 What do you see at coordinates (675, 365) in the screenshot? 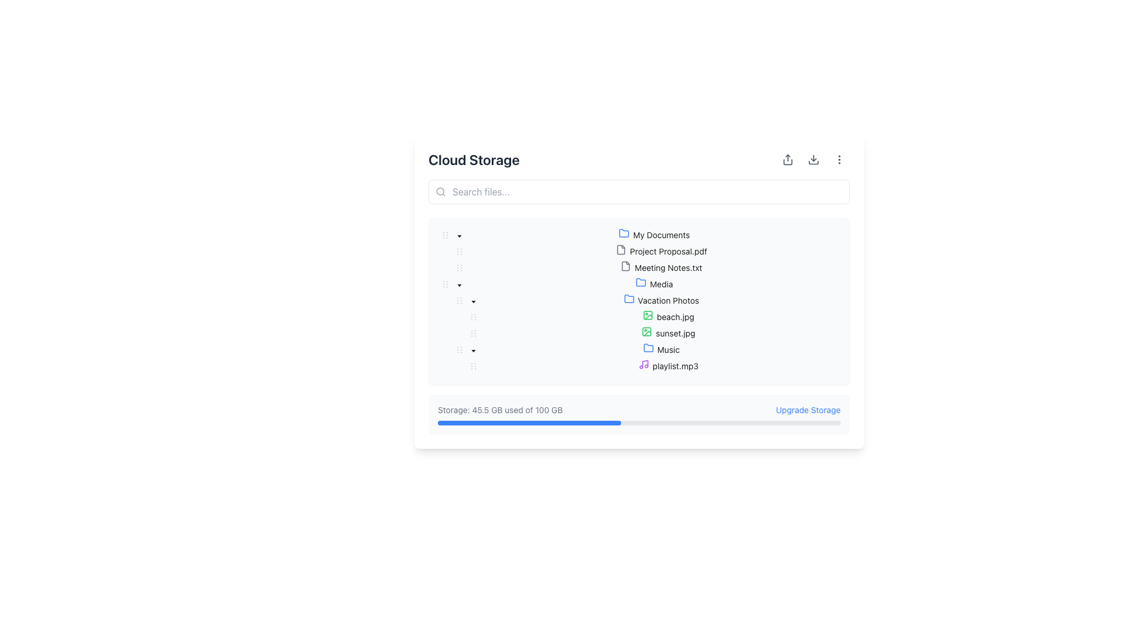
I see `the label element displaying 'playlist.mp3', which is located next to a purple music note icon within the 'Music' folder structure` at bounding box center [675, 365].